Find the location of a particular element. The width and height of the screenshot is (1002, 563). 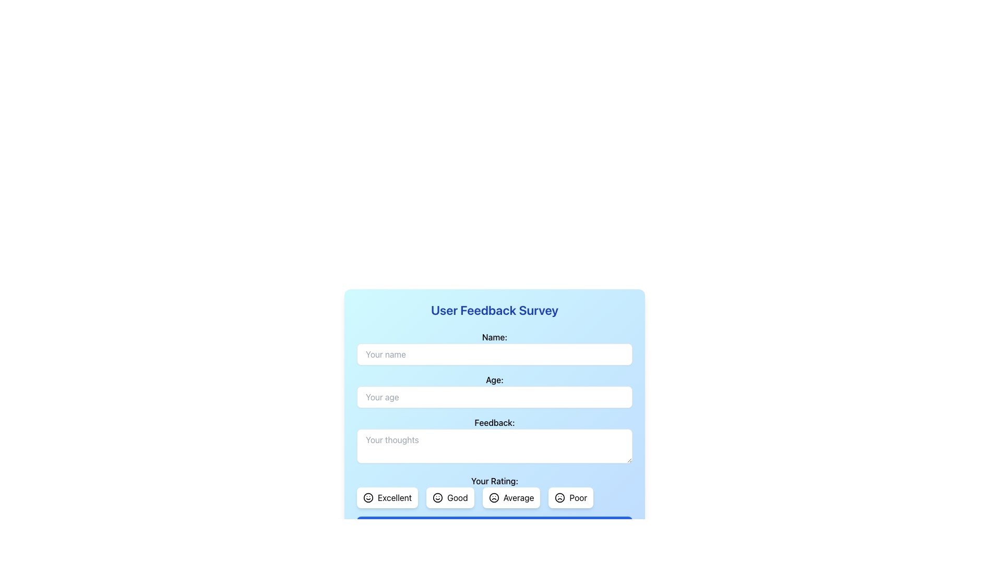

the title/header Text label at the top center of the form, which provides context about the form's purpose is located at coordinates (494, 309).